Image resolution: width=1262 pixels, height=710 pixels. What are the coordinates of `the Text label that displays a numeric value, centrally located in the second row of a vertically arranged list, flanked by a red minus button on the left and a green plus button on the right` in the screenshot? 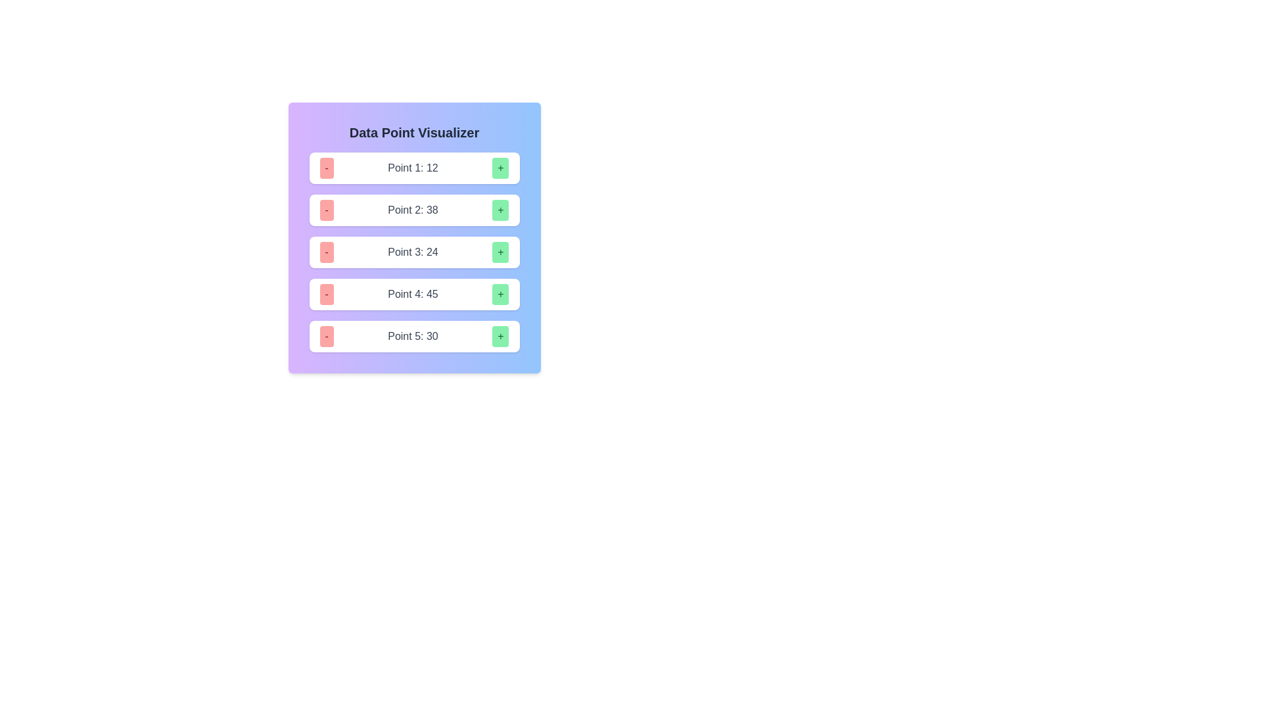 It's located at (412, 210).